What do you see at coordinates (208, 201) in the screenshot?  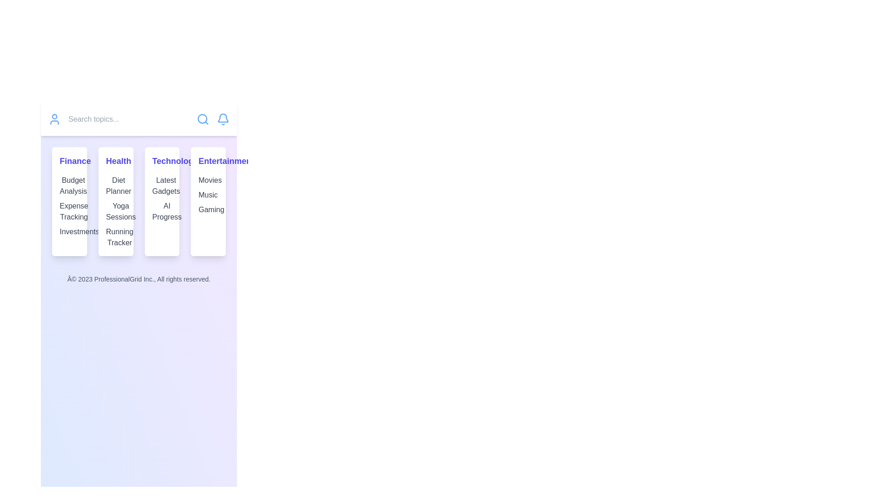 I see `the fourth navigational card related to 'Entertainment' positioned in a grid` at bounding box center [208, 201].